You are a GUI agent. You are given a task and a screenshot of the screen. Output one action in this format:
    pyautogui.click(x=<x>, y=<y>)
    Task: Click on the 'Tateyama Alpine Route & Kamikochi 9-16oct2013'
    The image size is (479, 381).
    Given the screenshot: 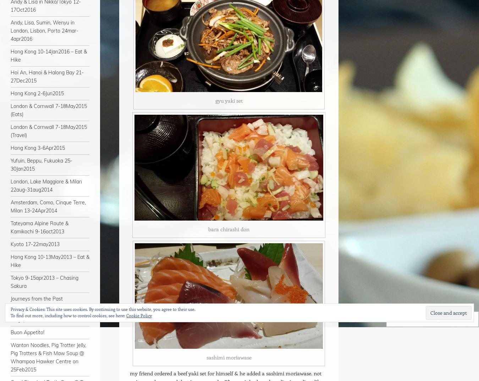 What is the action you would take?
    pyautogui.click(x=39, y=227)
    